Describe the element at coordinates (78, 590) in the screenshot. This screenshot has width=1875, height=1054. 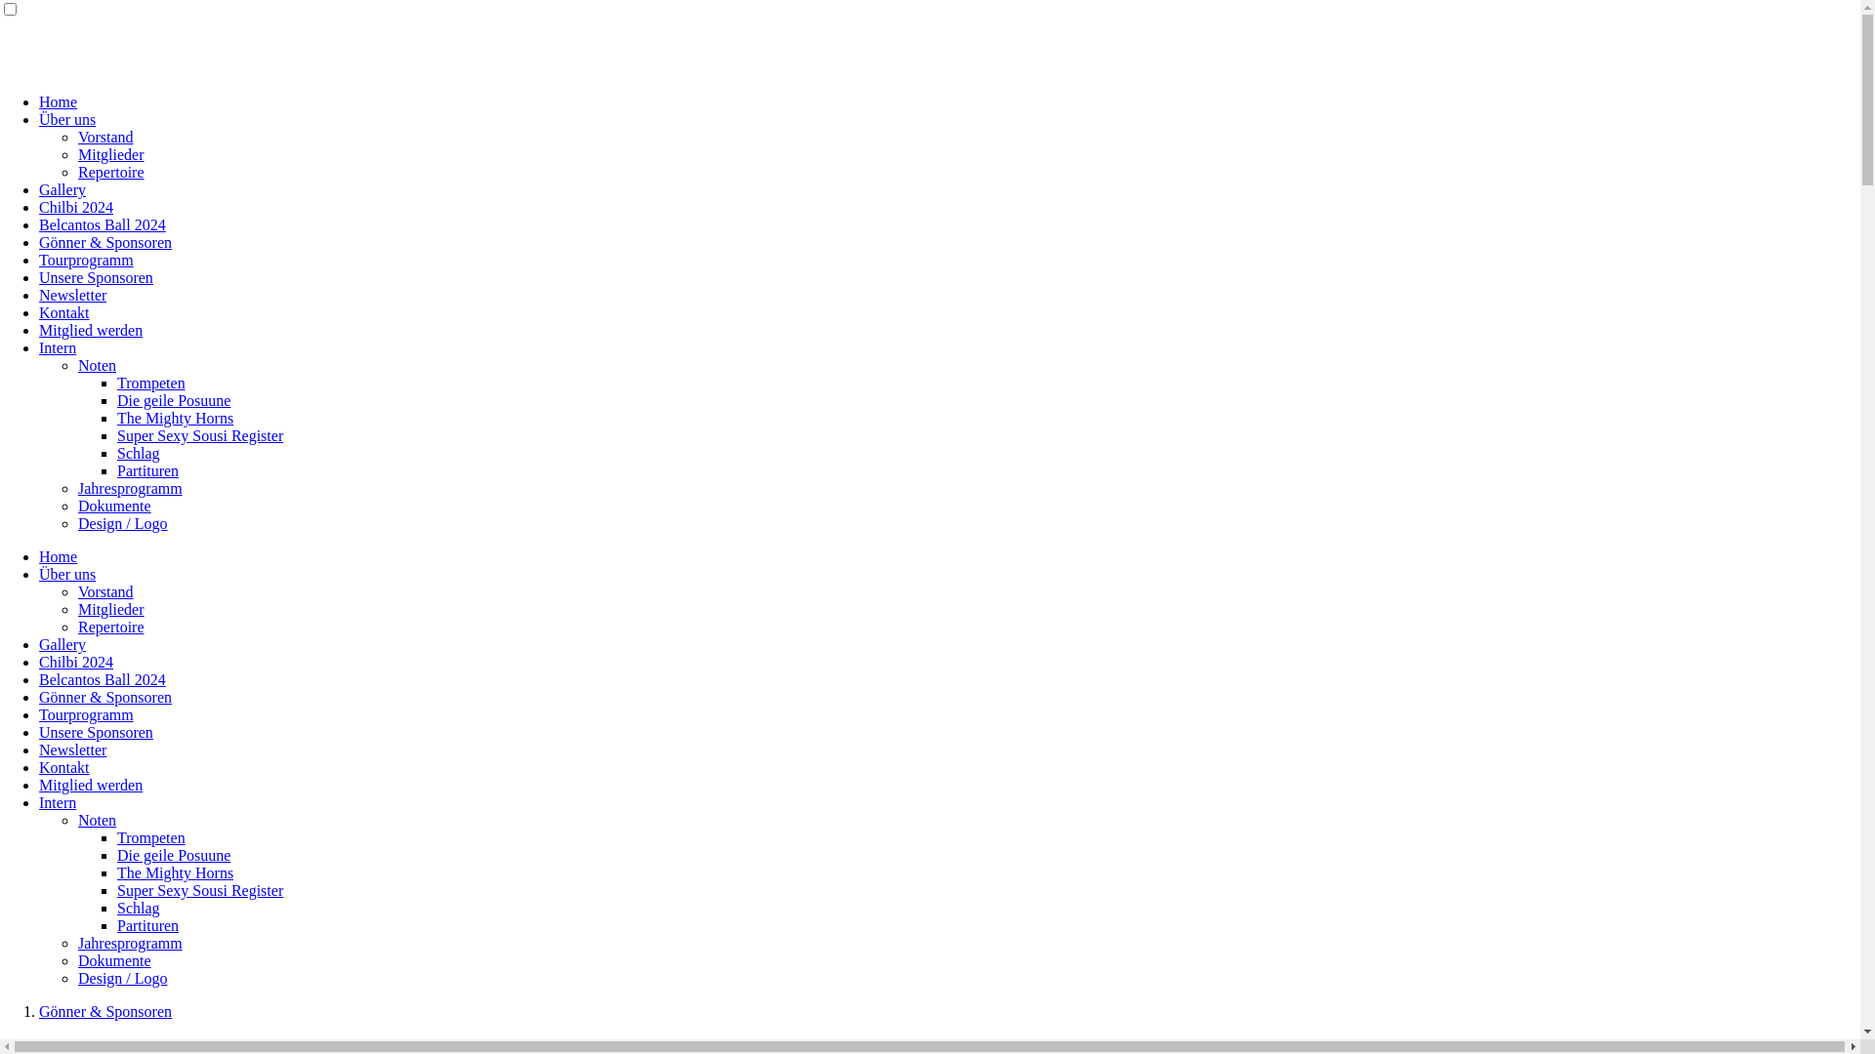
I see `'Vorstand'` at that location.